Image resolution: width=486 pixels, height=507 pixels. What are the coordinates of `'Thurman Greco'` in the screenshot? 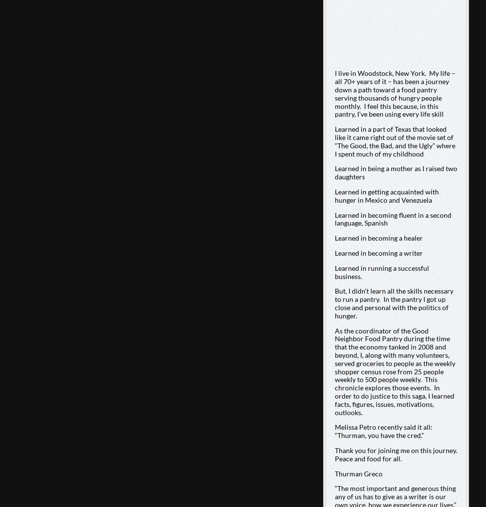 It's located at (358, 473).